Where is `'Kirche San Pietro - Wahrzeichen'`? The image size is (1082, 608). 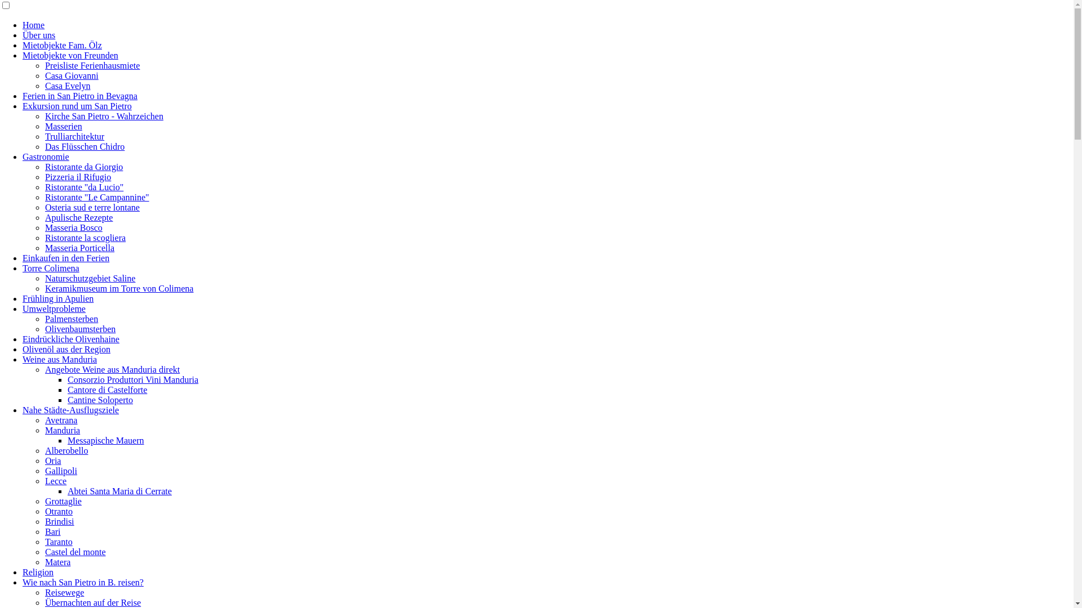
'Kirche San Pietro - Wahrzeichen' is located at coordinates (104, 116).